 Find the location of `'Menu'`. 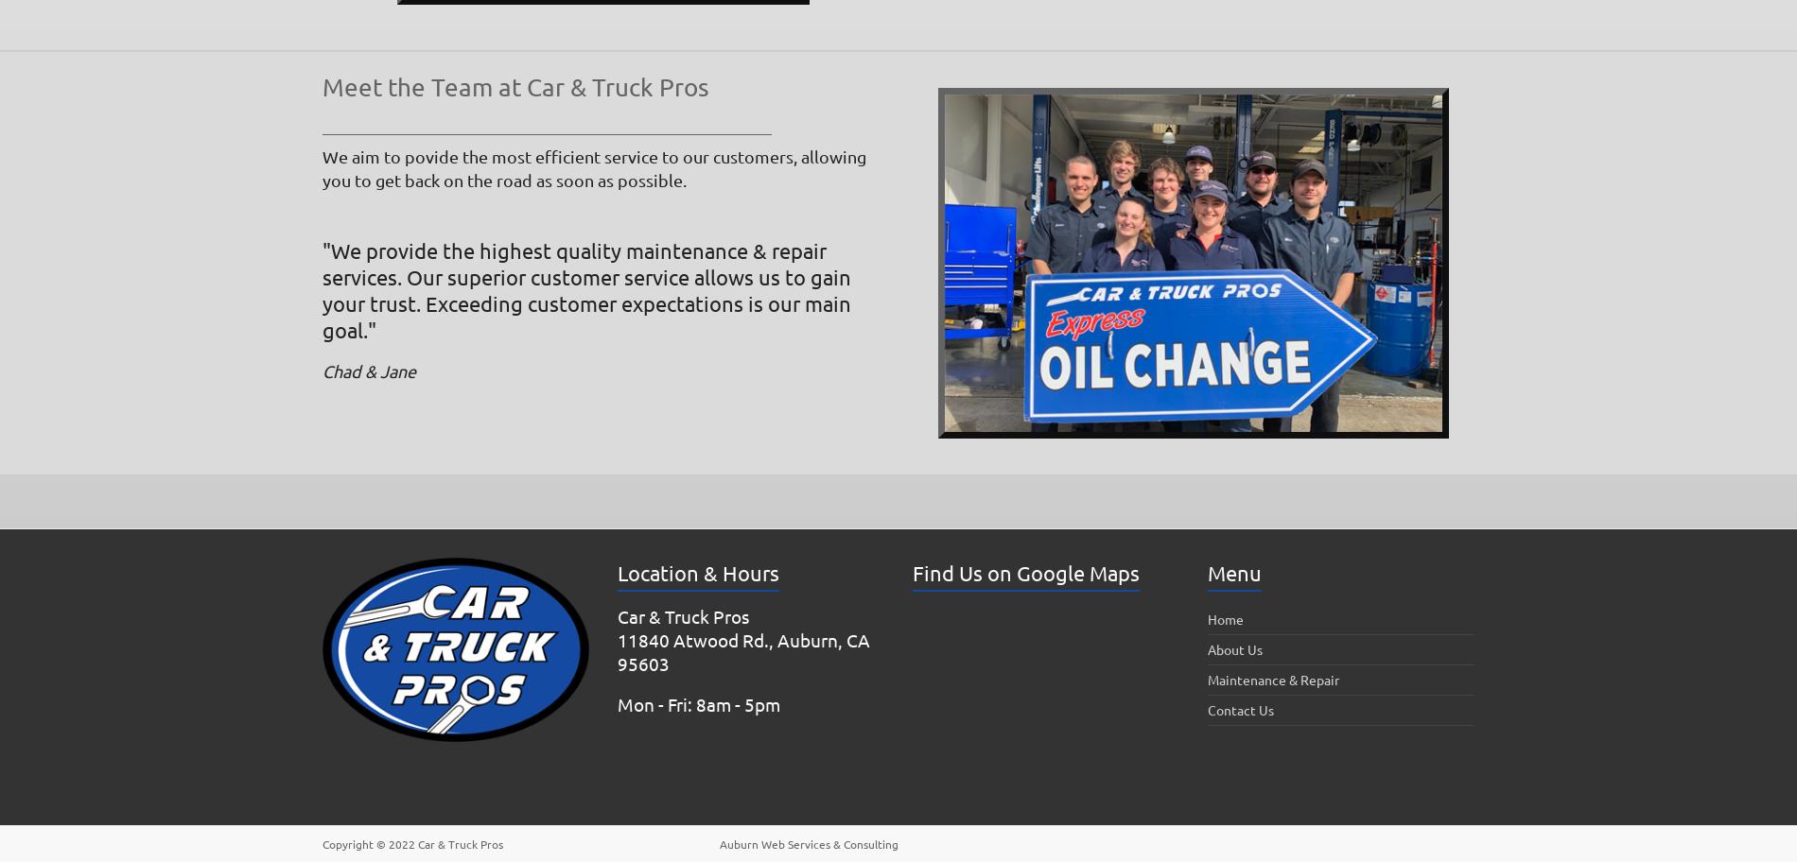

'Menu' is located at coordinates (1206, 572).